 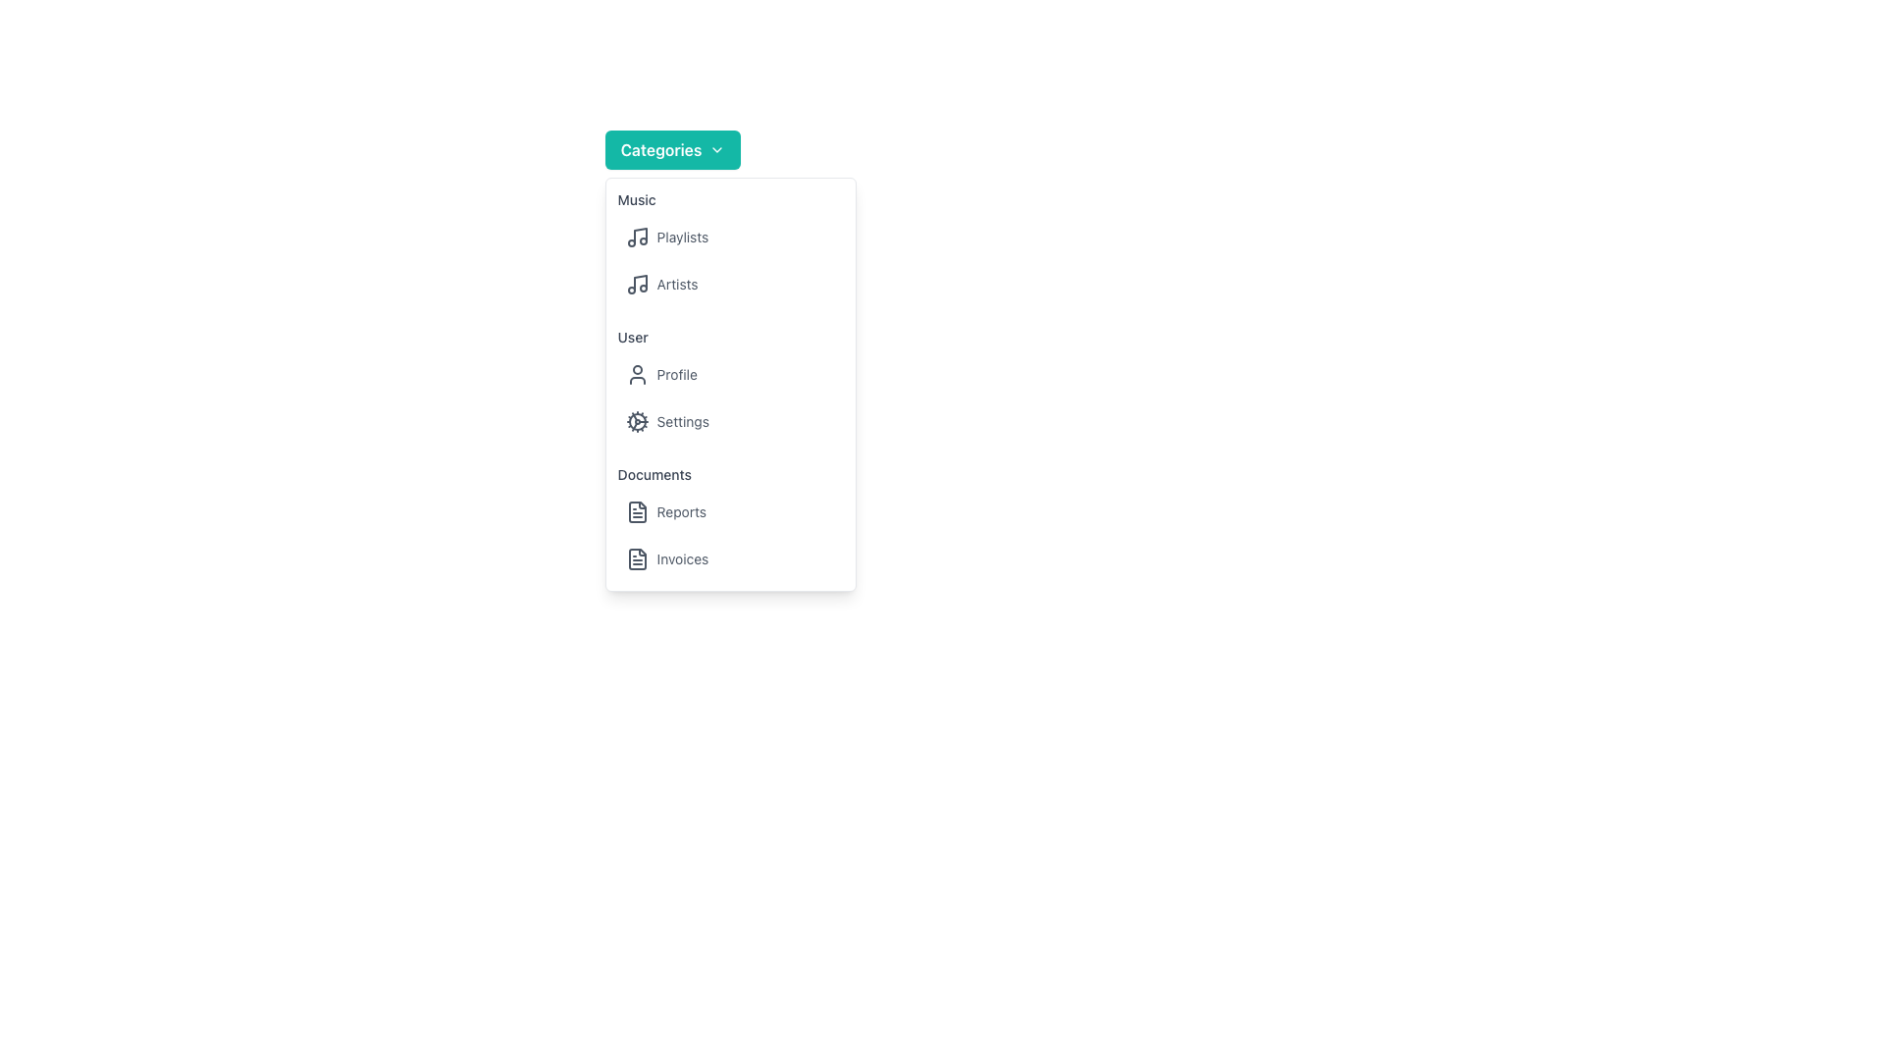 What do you see at coordinates (637, 559) in the screenshot?
I see `the invoice document icon located in the 'Documents' subsection of the drop-down menu under 'Invoices', positioned to the left of the text 'Invoices'` at bounding box center [637, 559].